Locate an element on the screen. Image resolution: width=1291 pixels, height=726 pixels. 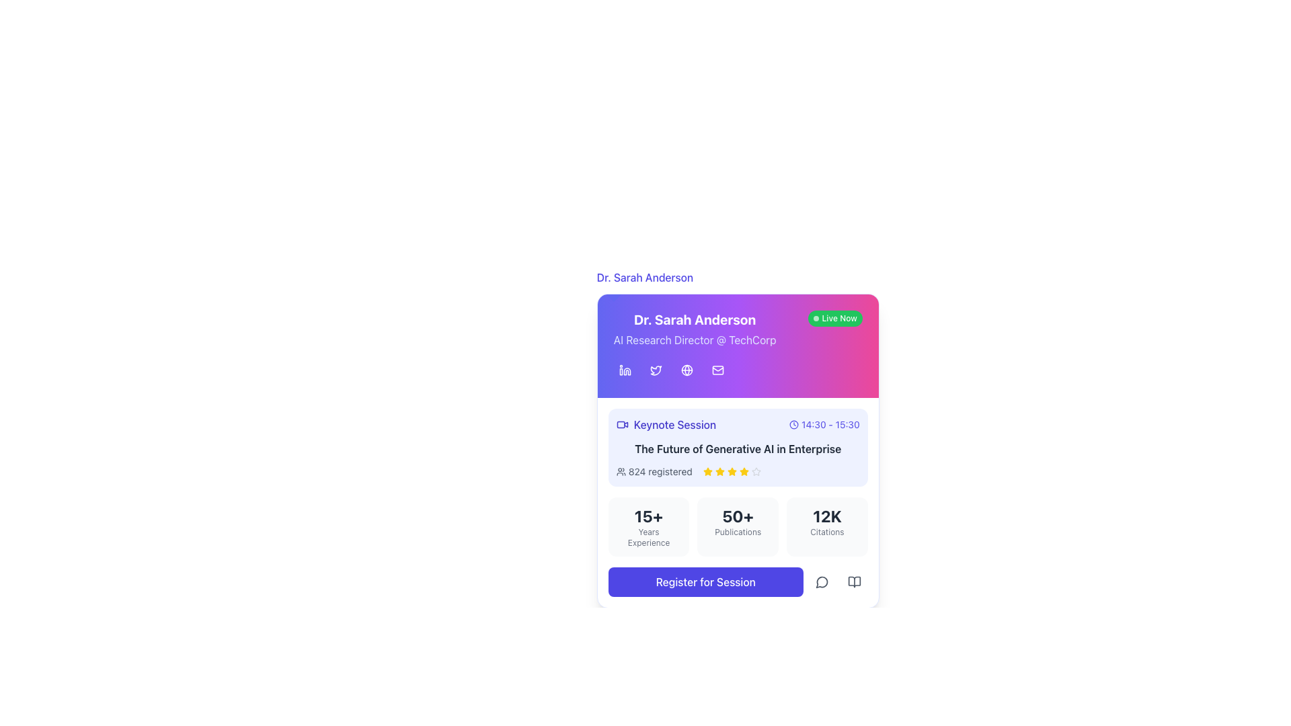
the Informational box that displays the number of publications (50+) related to the featured keynote or presenter, which is the second box in a row of three below the 'Keynote Session' section is located at coordinates (737, 503).